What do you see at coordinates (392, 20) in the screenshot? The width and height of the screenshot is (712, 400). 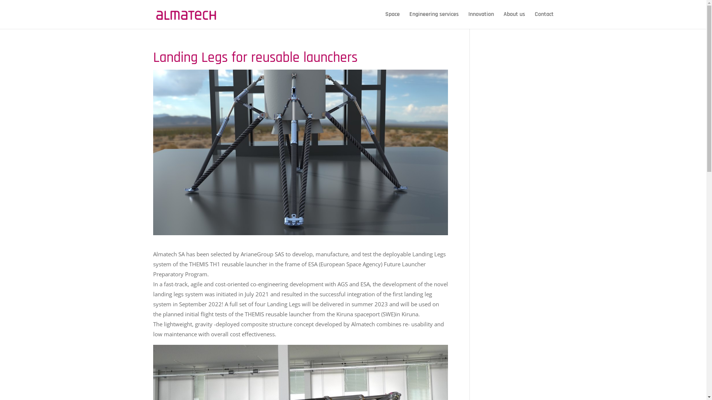 I see `'Space'` at bounding box center [392, 20].